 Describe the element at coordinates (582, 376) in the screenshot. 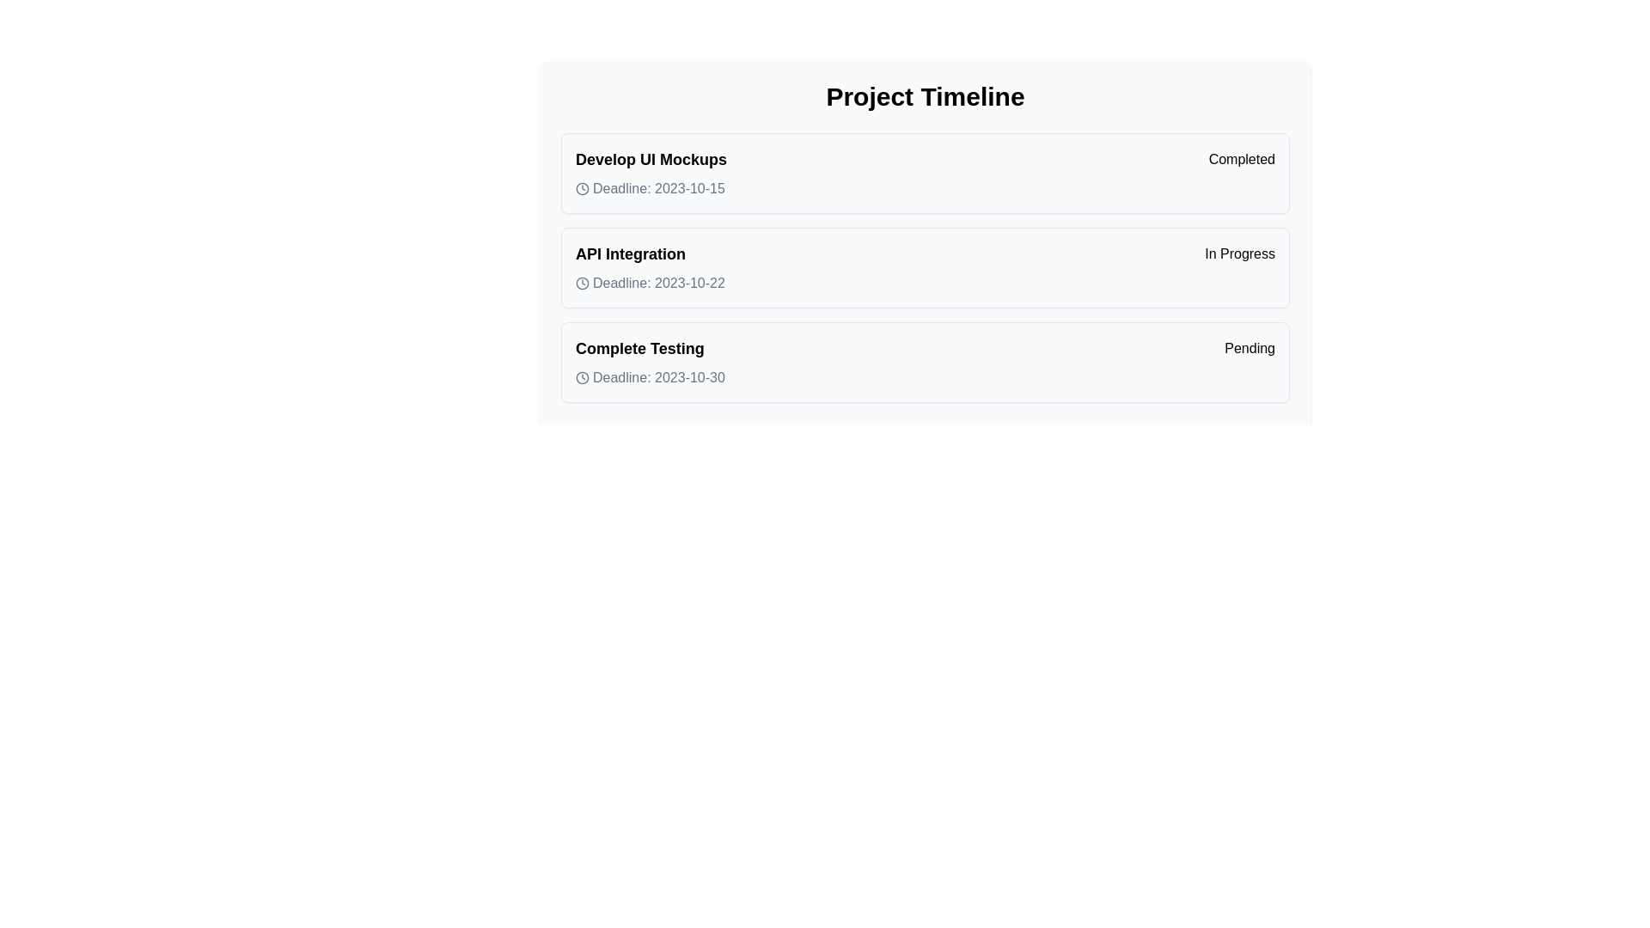

I see `the small circular grayish clock icon located in the 'Complete Testing' section of the 'Project Timeline' interface, which is positioned to the left of the text 'Deadline: 2023-10-30'` at that location.